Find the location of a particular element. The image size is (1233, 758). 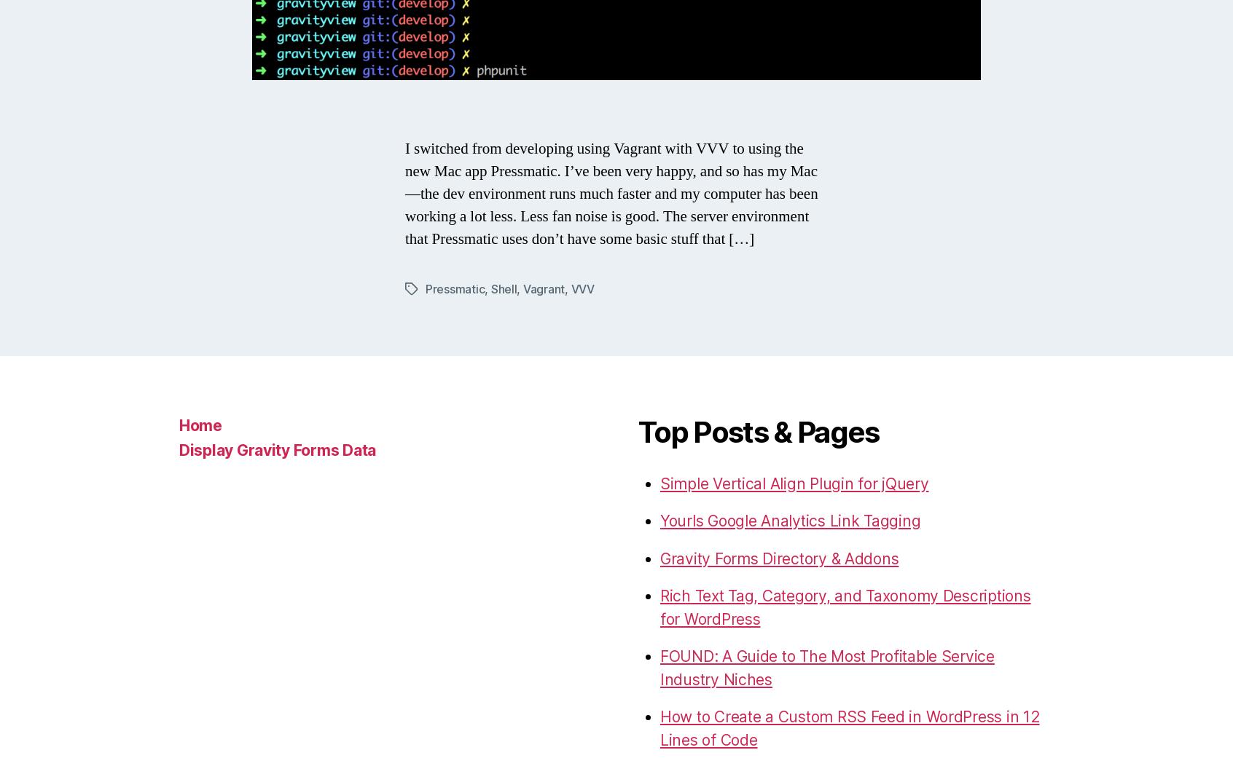

'PostGrid - Offline Communication Platform & API - PostGrid™ - US & International - Post Grid' is located at coordinates (820, 484).